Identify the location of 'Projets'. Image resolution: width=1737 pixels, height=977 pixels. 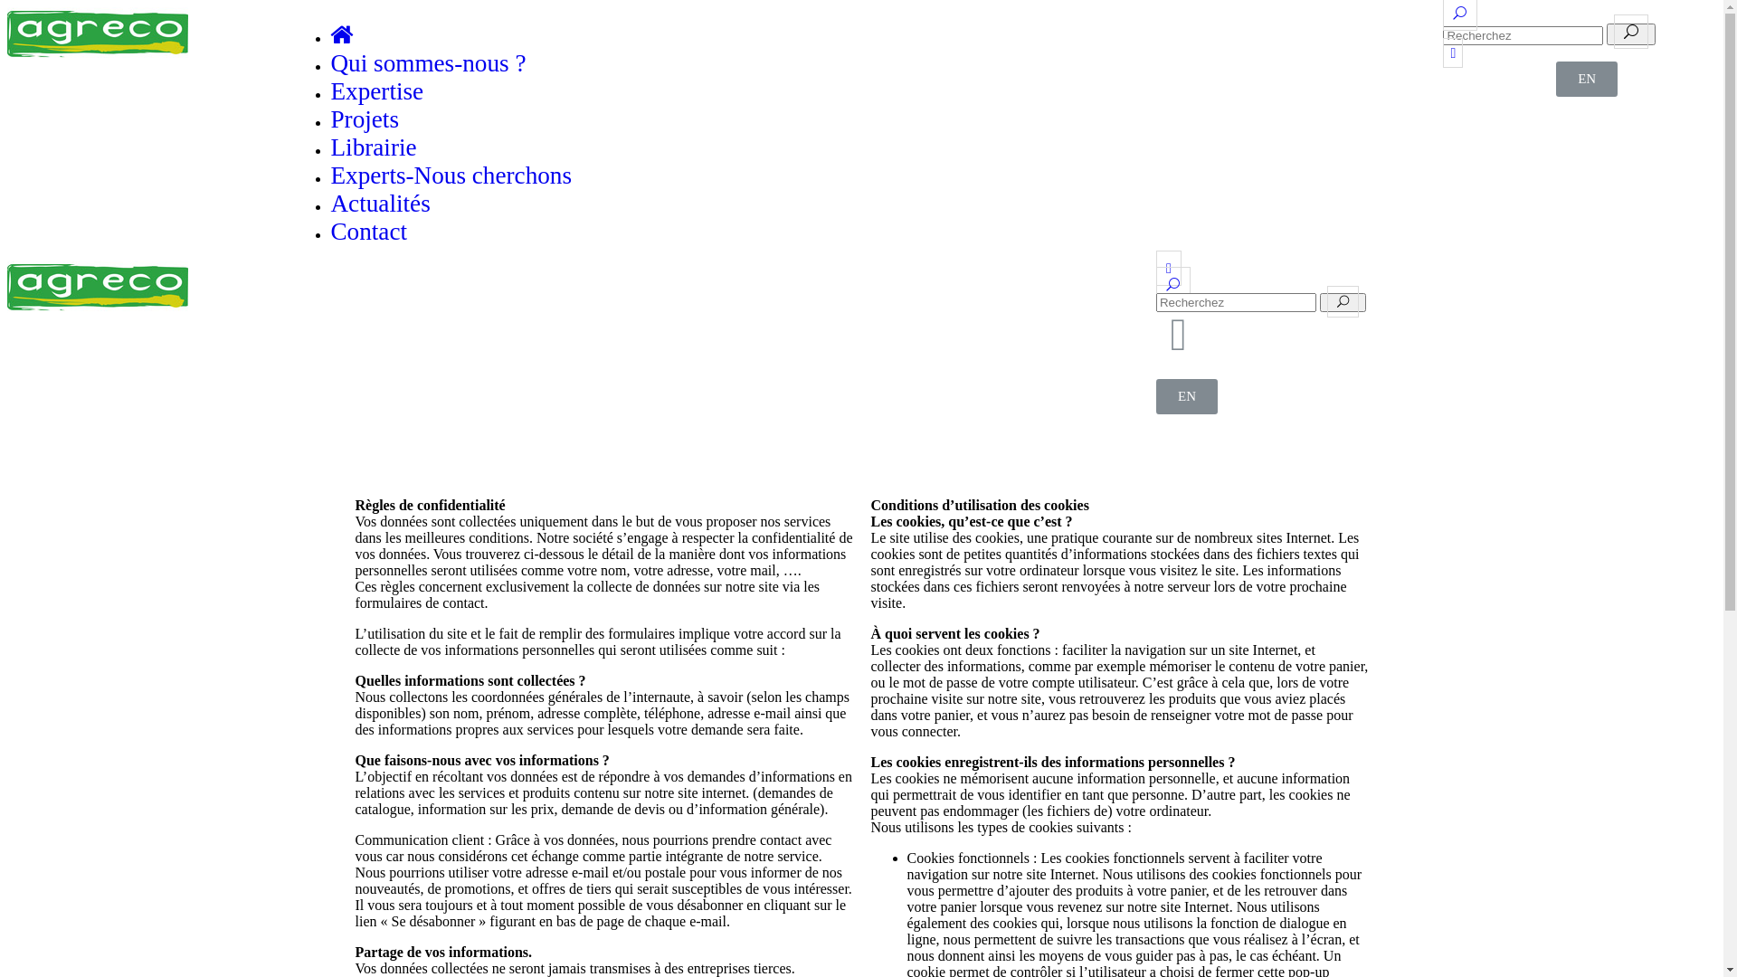
(63, 303).